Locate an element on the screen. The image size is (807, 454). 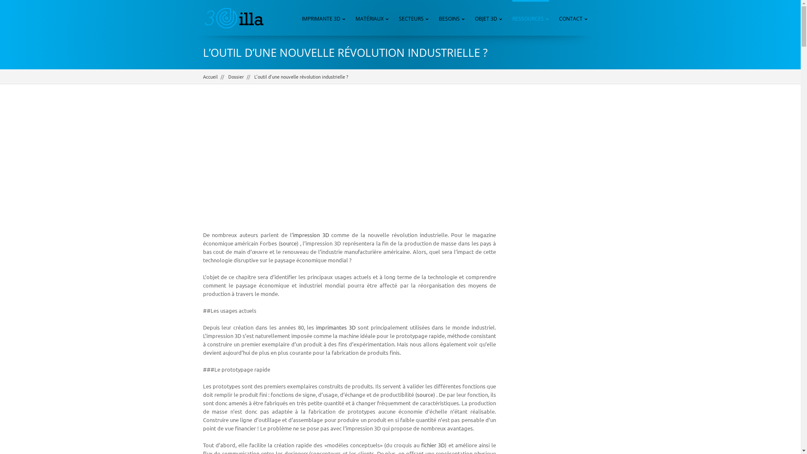
'source' is located at coordinates (425, 394).